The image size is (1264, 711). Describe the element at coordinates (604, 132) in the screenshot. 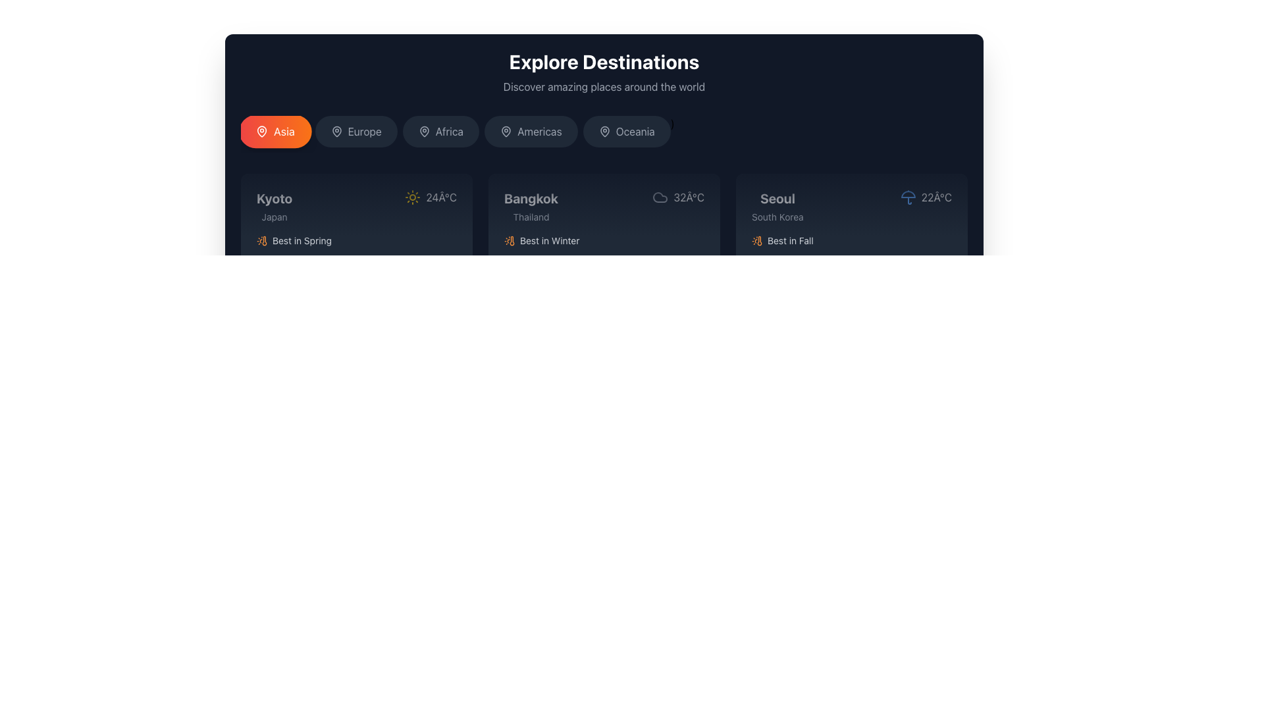

I see `the 'Oceania' button which contains the map pin icon indicating a location marker` at that location.